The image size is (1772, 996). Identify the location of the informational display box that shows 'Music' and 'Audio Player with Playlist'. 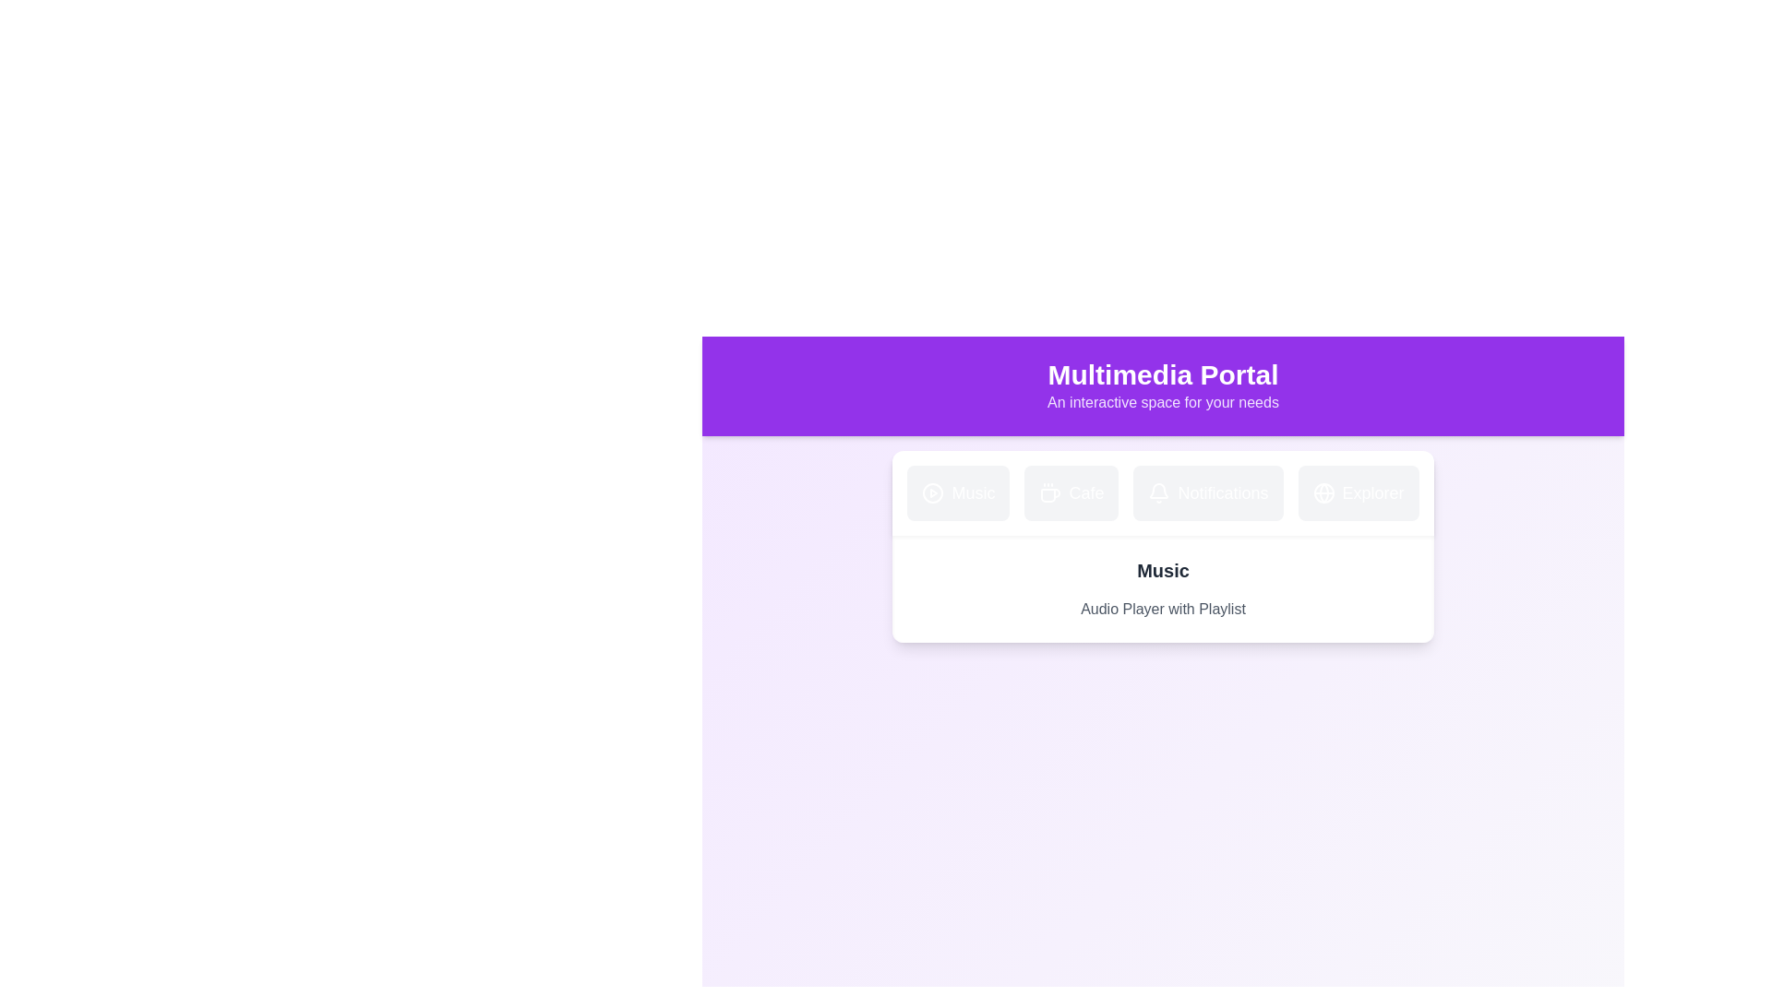
(1162, 589).